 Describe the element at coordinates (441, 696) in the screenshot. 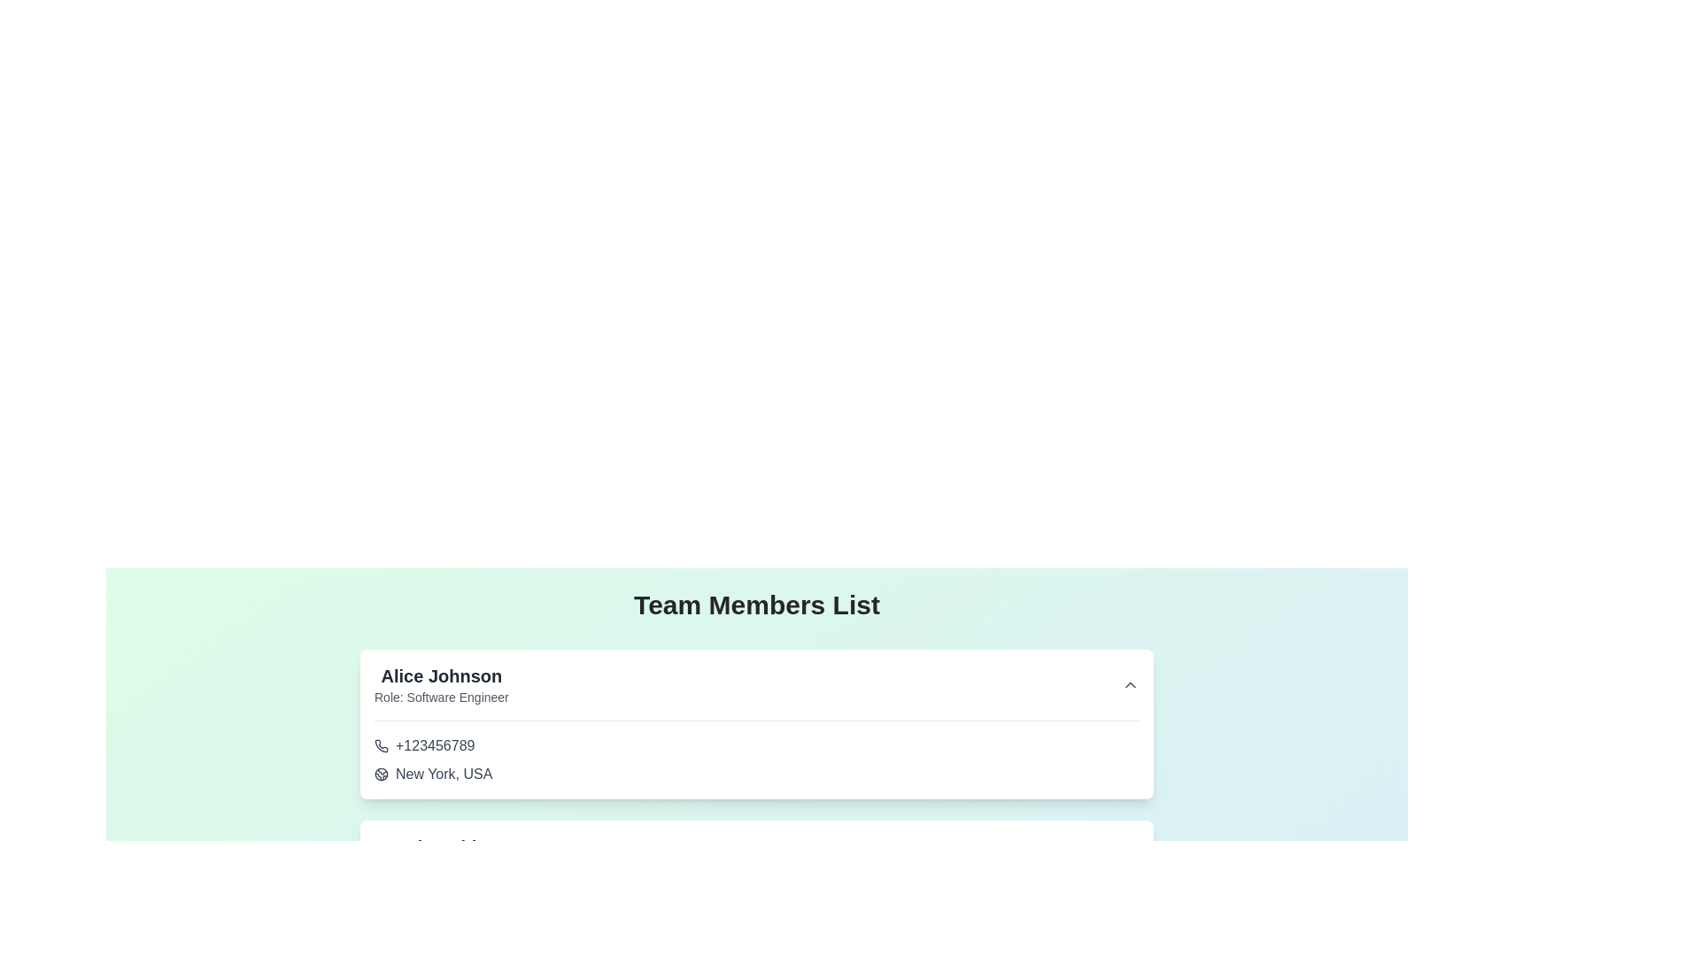

I see `information displayed in the text label showing 'Role: Software Engineer', which is styled in gray and located below the name 'Alice Johnson' on the card` at that location.